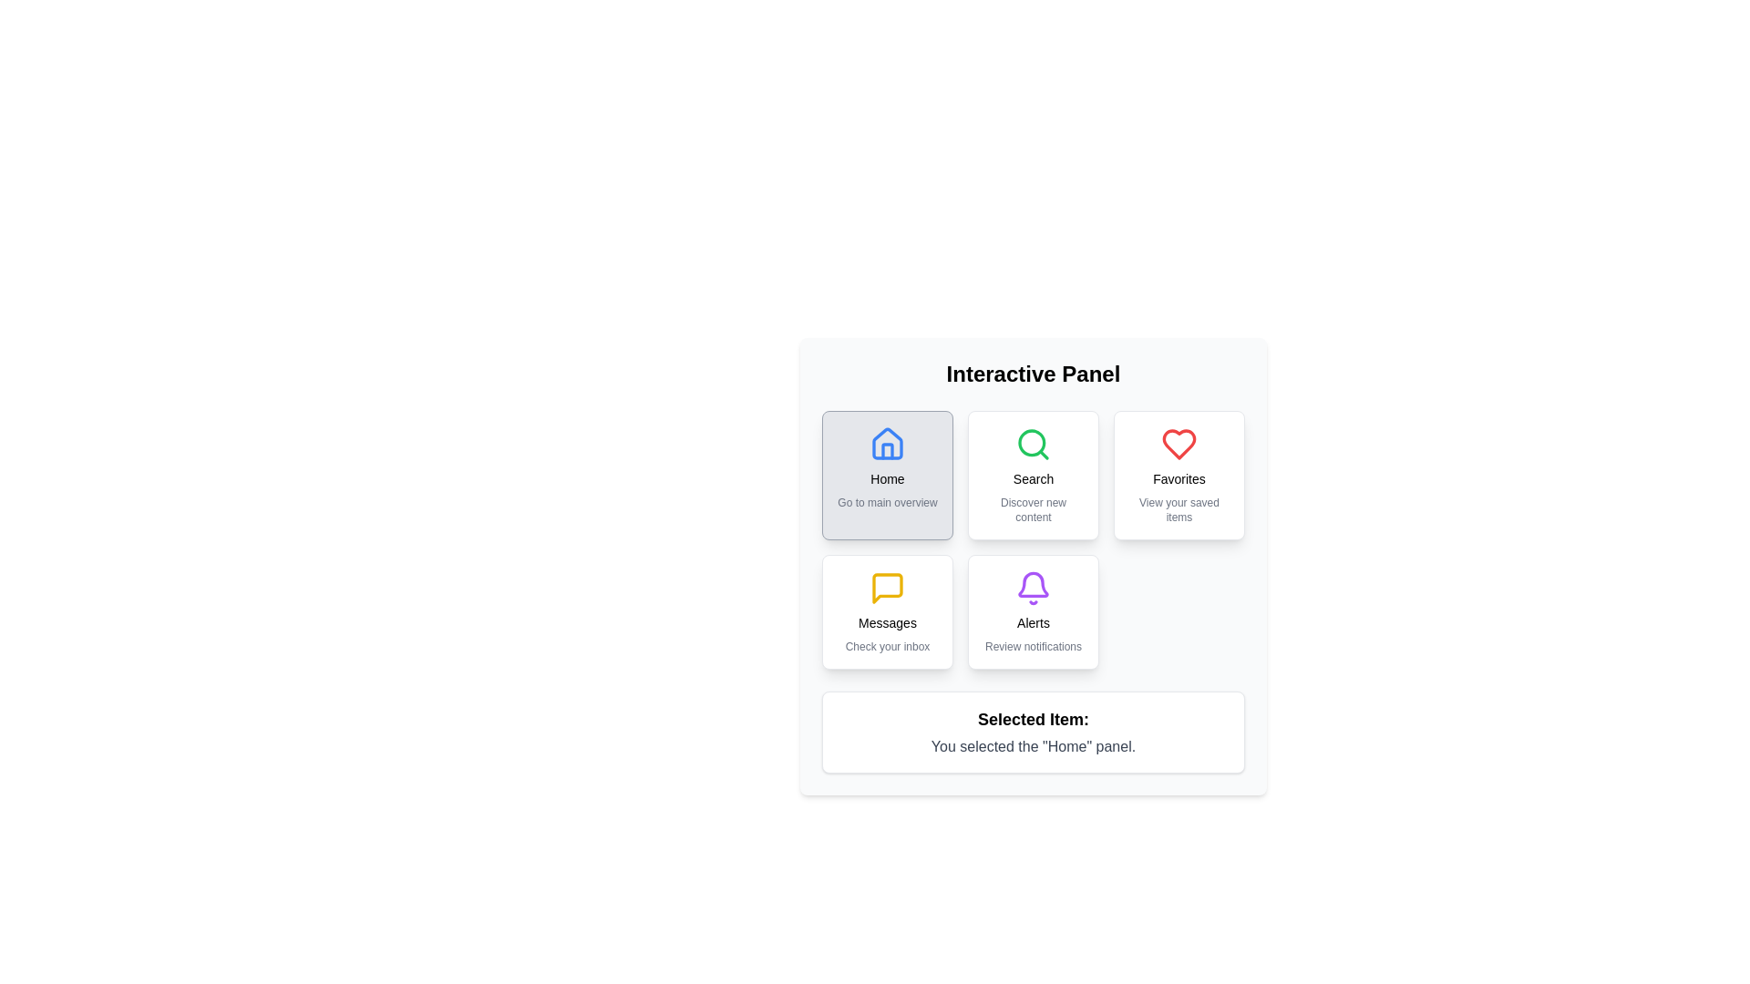  What do you see at coordinates (1033, 645) in the screenshot?
I see `the text label displaying 'Review notifications' located beneath the main label 'Alerts' within the card labeled 'Alerts'` at bounding box center [1033, 645].